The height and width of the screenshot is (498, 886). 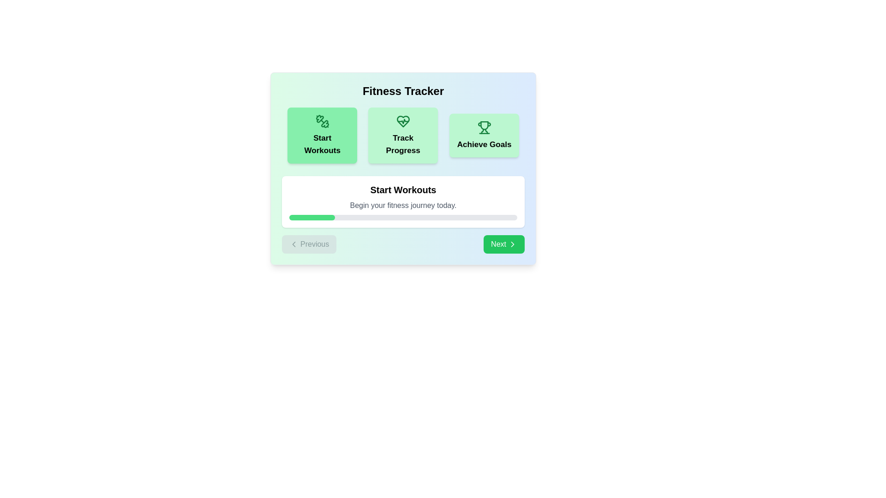 What do you see at coordinates (484, 125) in the screenshot?
I see `the 'Achieve Goals' icon, which is the central component of the third button group in the primary button row, to engage with the motivational theme of the user interface` at bounding box center [484, 125].